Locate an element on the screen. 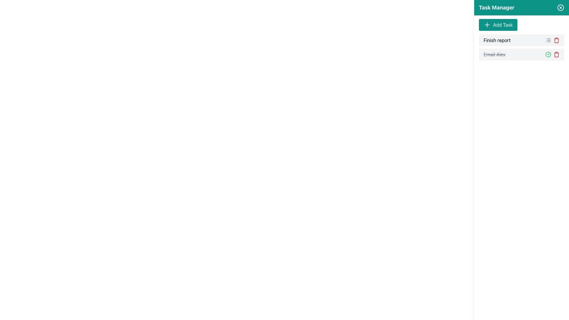  the icons in the icon group related to the 'Finish report' task is located at coordinates (552, 40).